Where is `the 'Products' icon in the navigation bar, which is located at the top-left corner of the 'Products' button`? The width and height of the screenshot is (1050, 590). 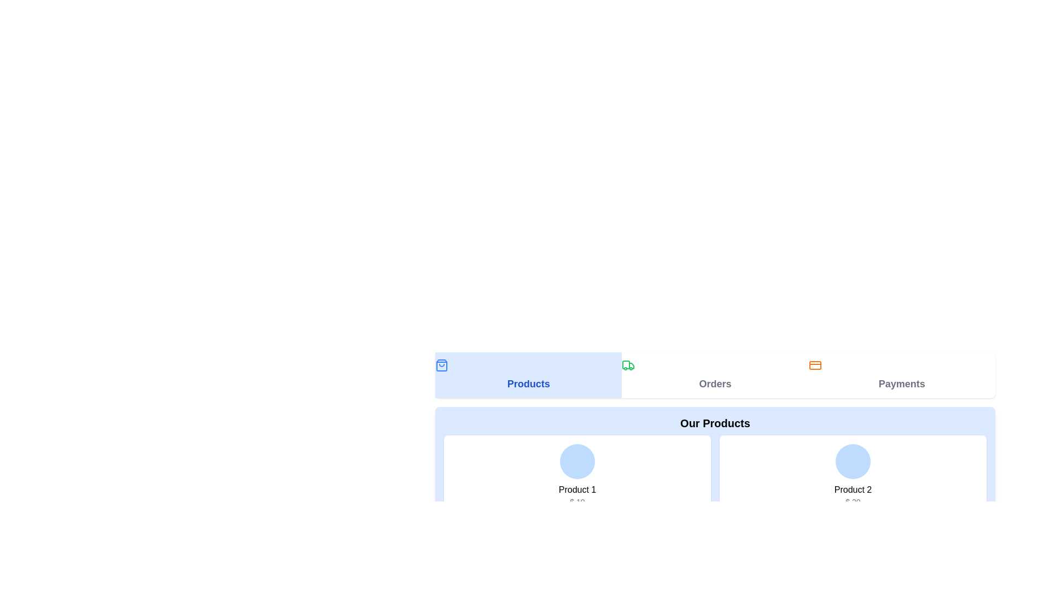
the 'Products' icon in the navigation bar, which is located at the top-left corner of the 'Products' button is located at coordinates (441, 365).